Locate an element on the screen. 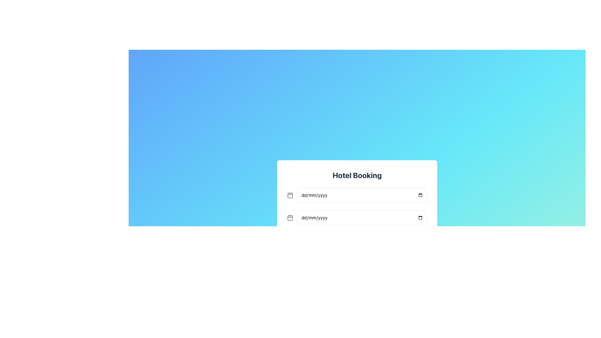  the calendar icon, which is an outlined style icon with a rounded rectangular shape and tick marks, located to the left of the date picker input field is located at coordinates (290, 217).